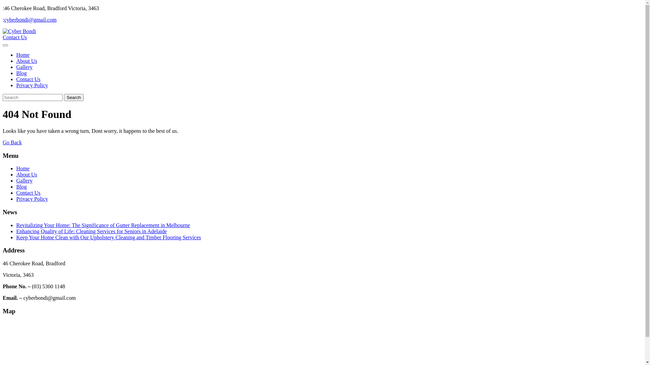  I want to click on 'Privacy Policy', so click(32, 85).